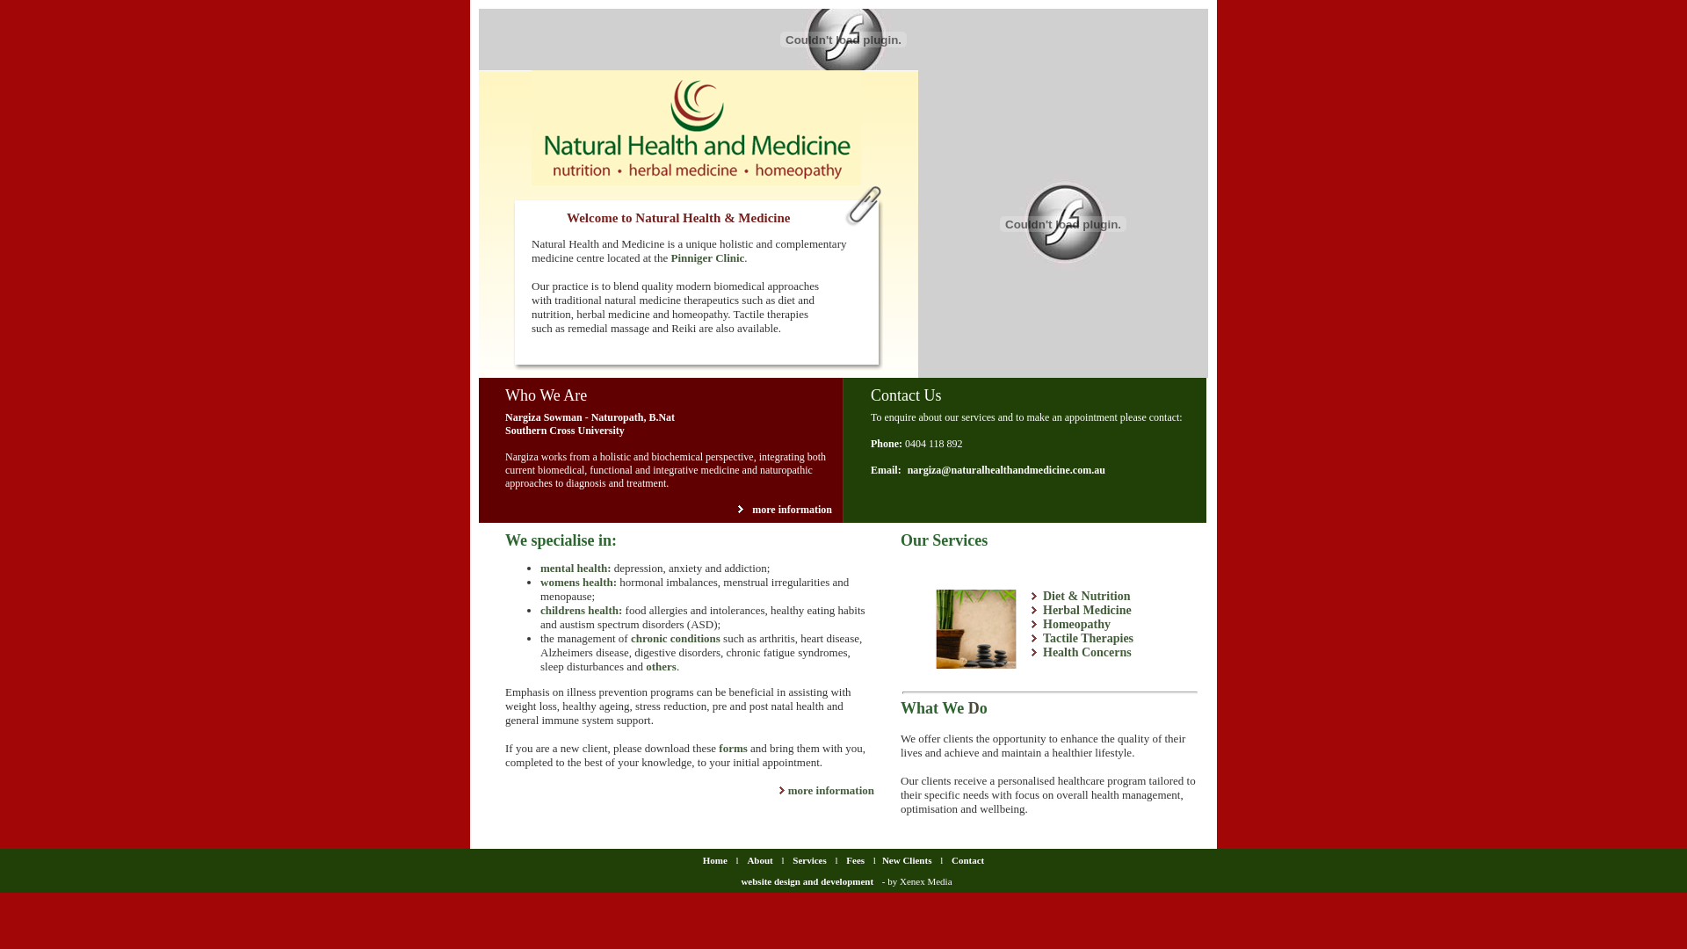 This screenshot has width=1687, height=949. Describe the element at coordinates (907, 859) in the screenshot. I see `'New Clients'` at that location.